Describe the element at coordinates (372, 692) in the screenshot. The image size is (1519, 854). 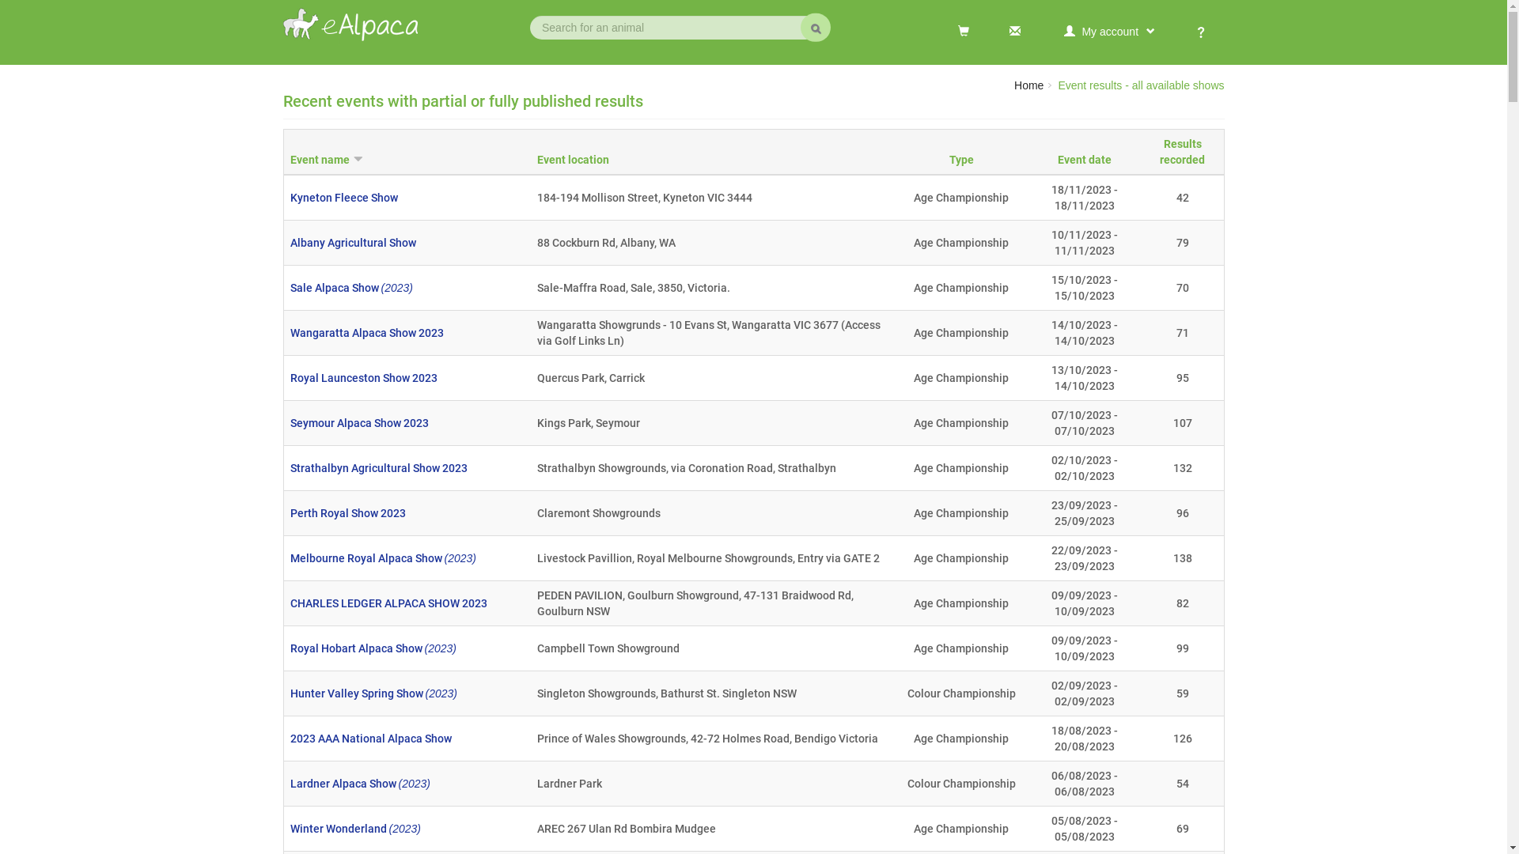
I see `'Hunter Valley Spring Show (2023)'` at that location.